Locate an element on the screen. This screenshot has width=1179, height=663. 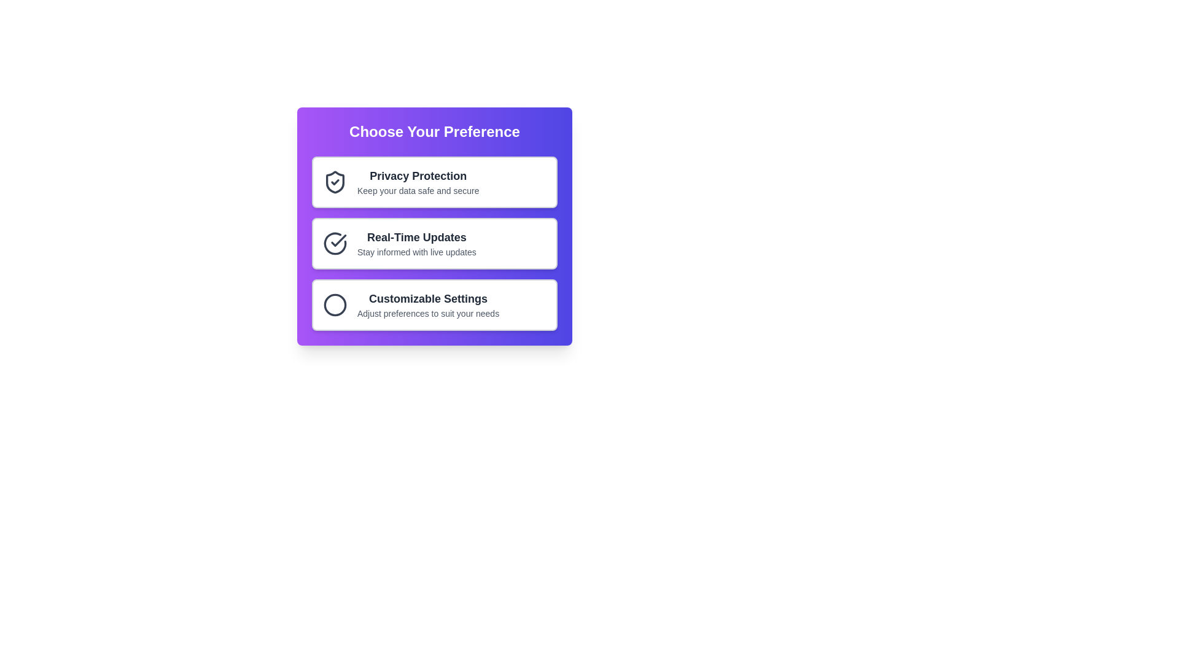
the descriptive text block titled 'Customizable Settings' that includes the subtitle 'Adjust preferences to suit your needs', located in the bottom section of the vertical list within the card labeled 'Choose Your Preference' is located at coordinates (428, 304).